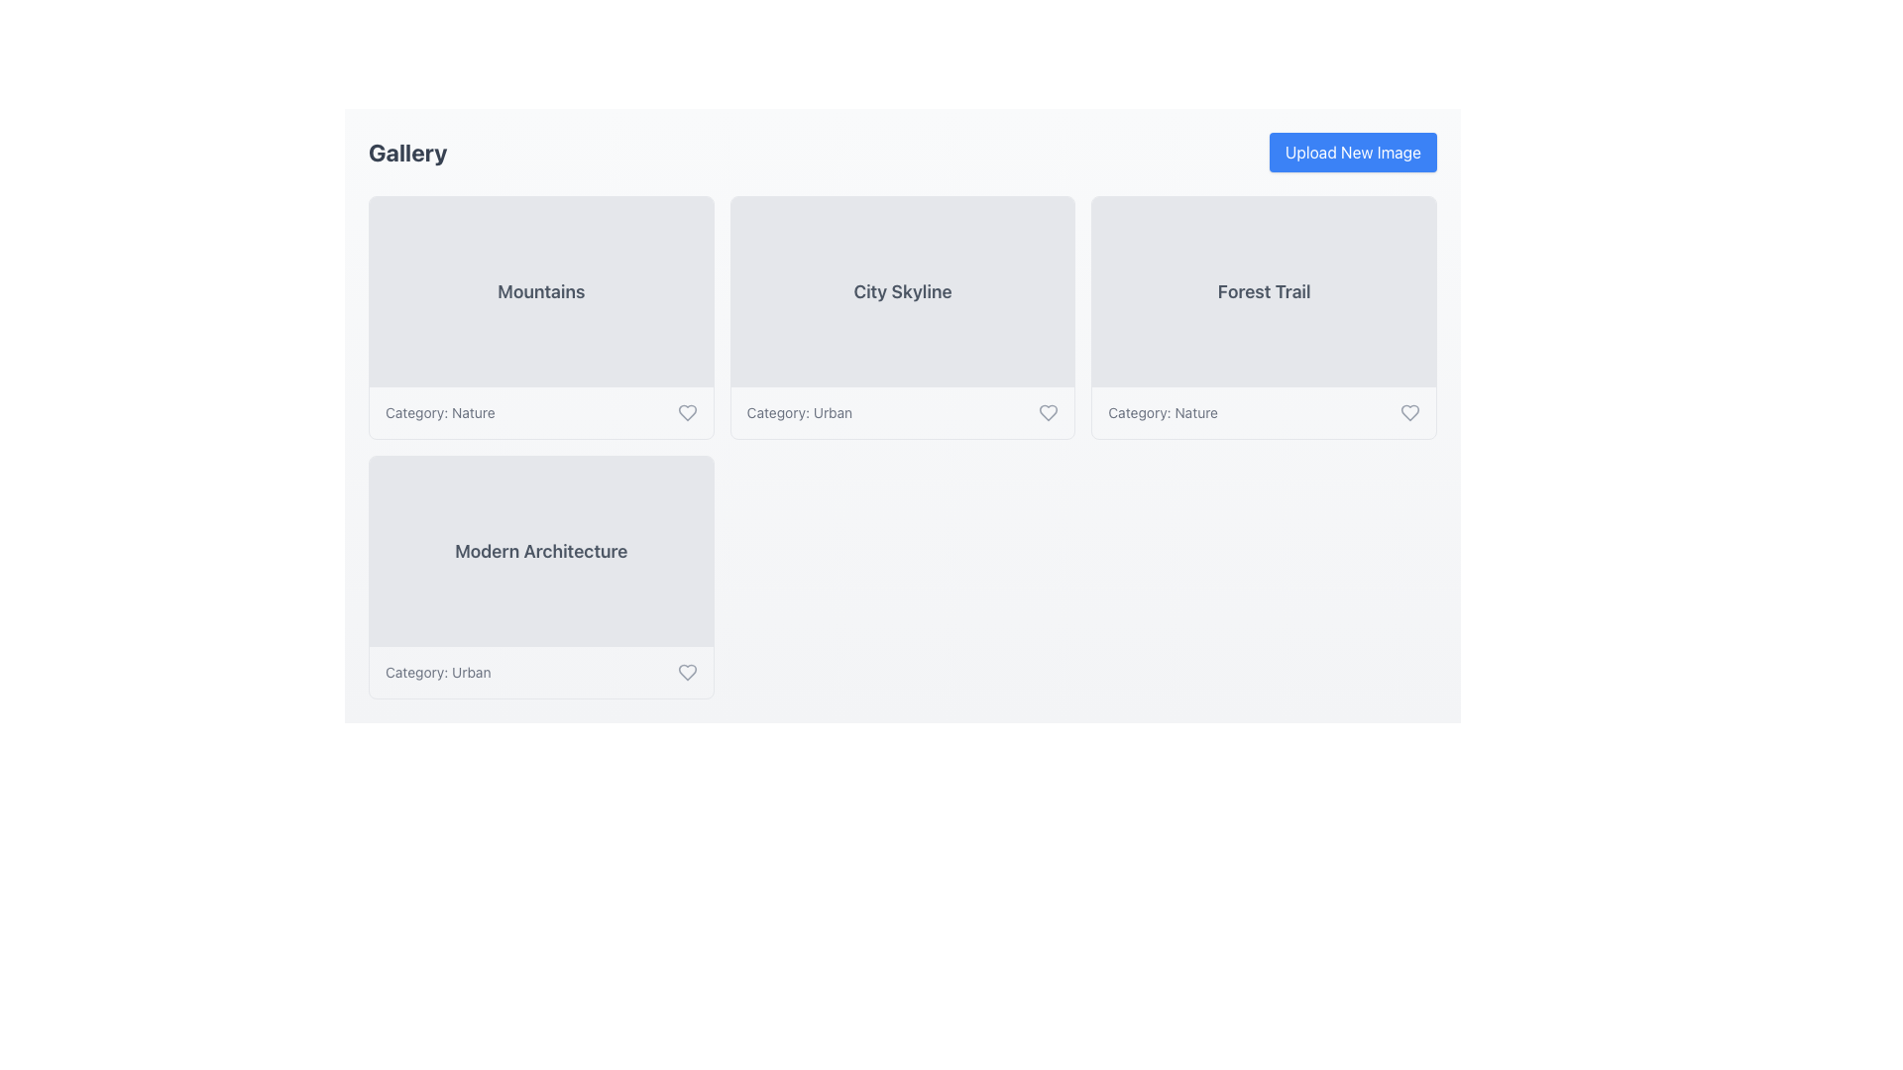 The image size is (1903, 1070). Describe the element at coordinates (687, 411) in the screenshot. I see `the Icon Button located in the top-left section of the display, specifically within the first card under the title 'Mountains', to change its color` at that location.